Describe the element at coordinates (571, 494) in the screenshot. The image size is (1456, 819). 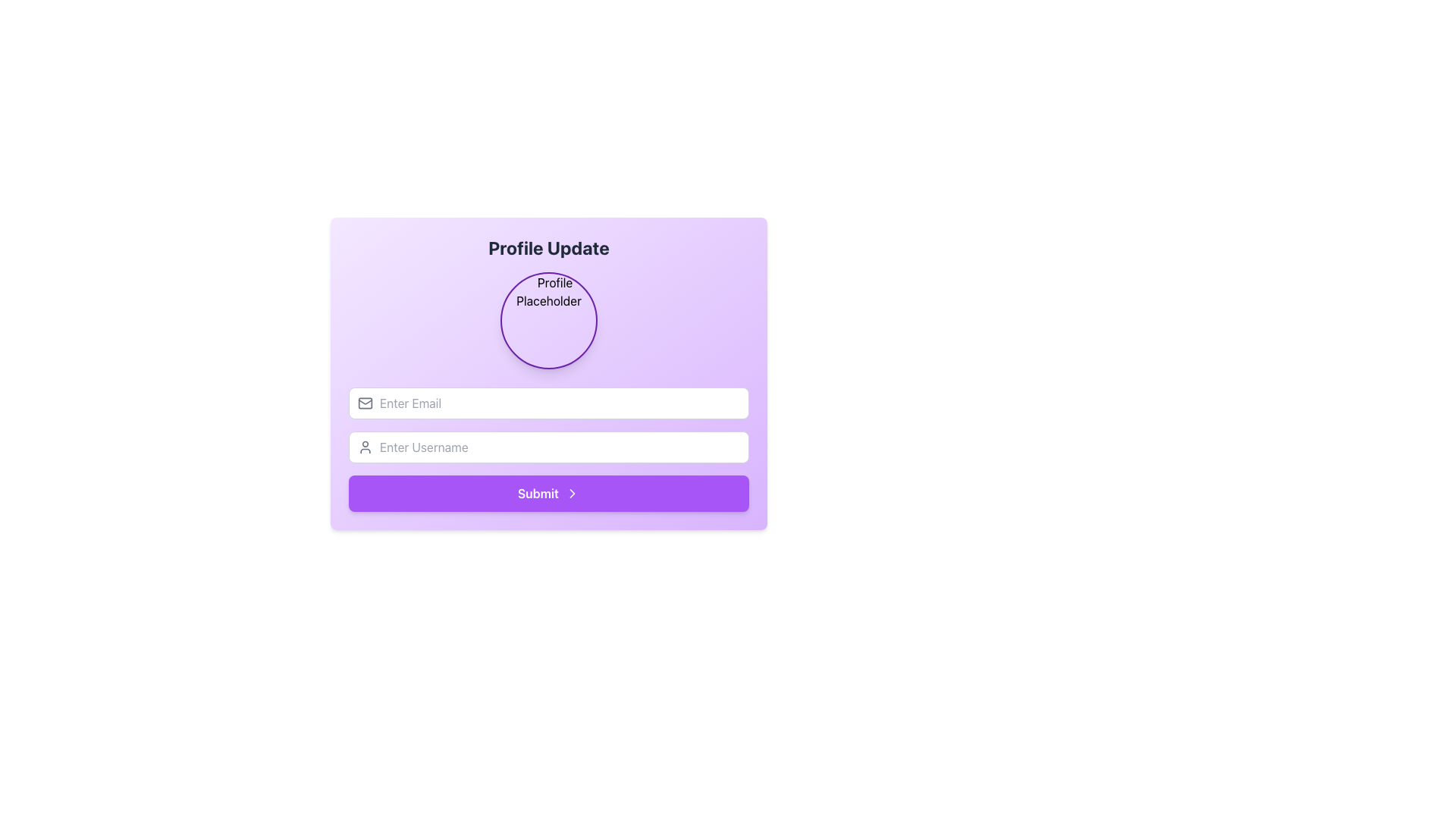
I see `the chevron icon located at the lower right side of the 'Submit' button to initiate navigation` at that location.